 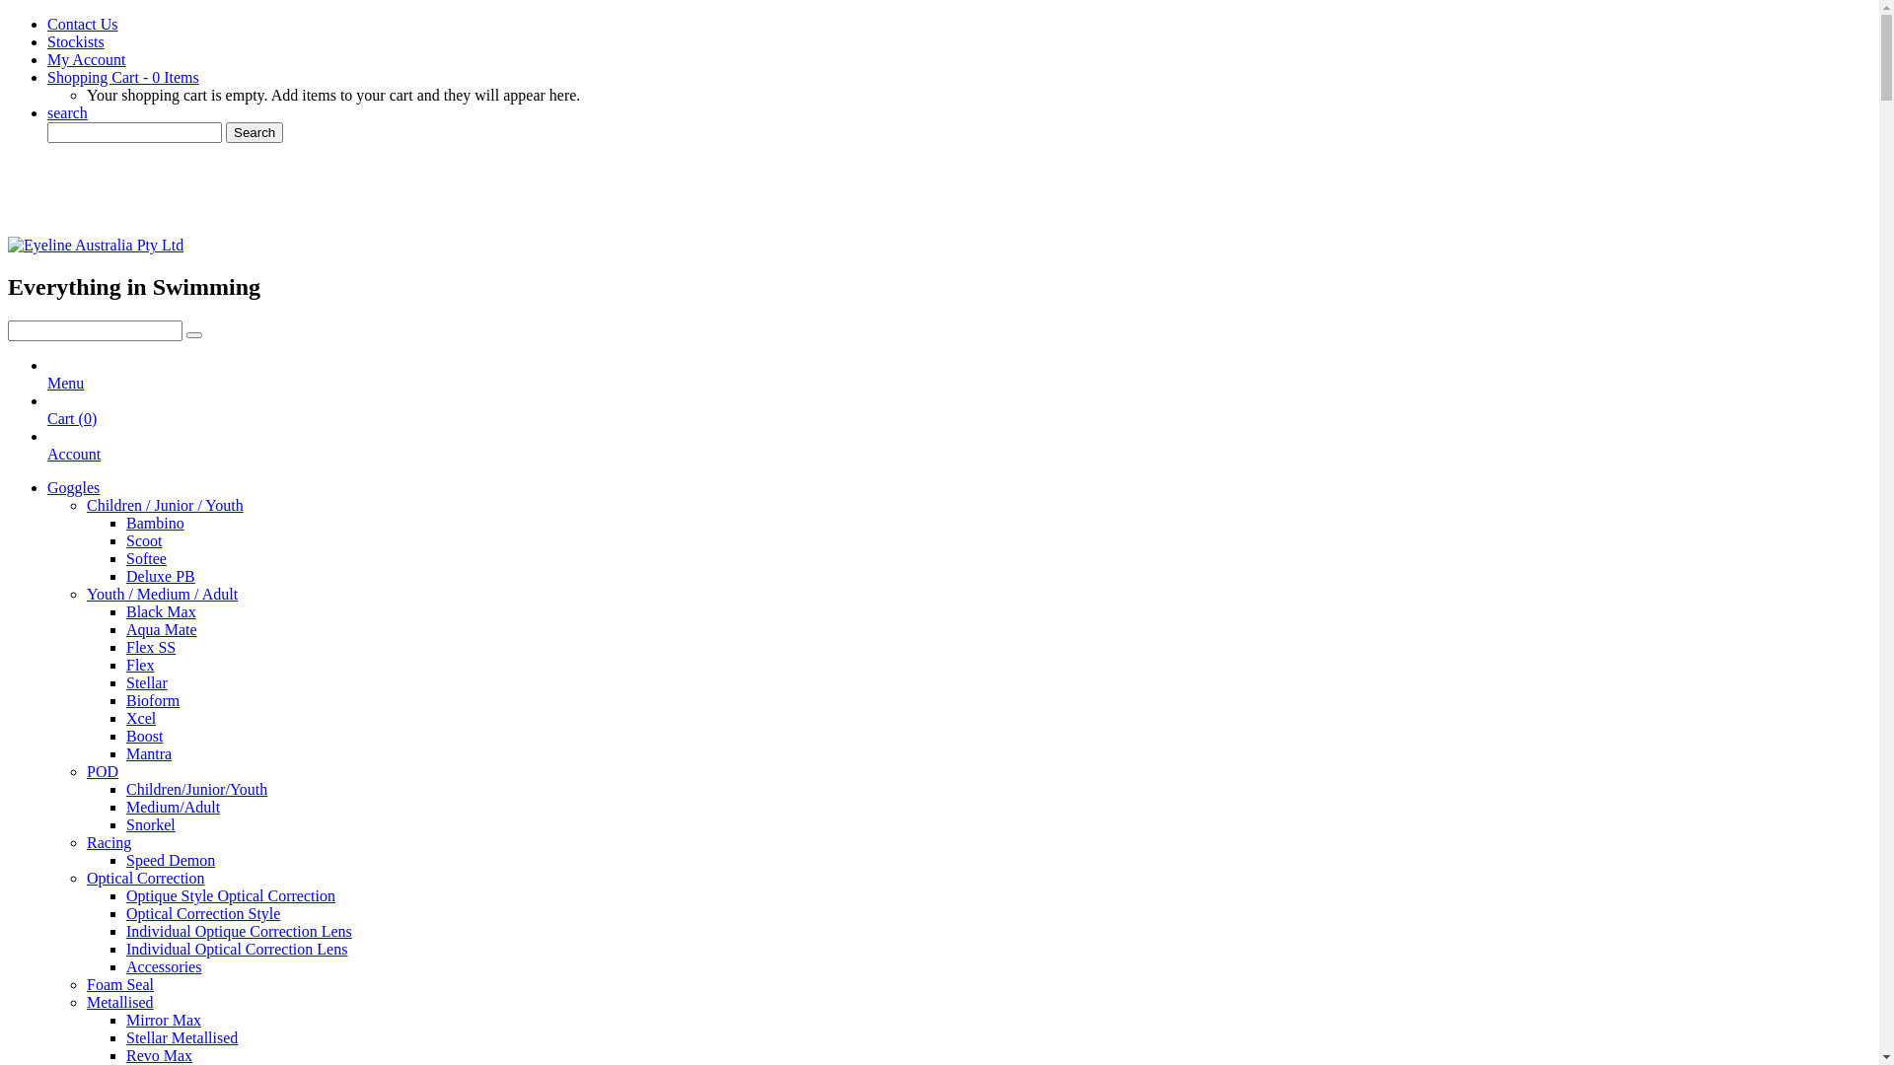 I want to click on 'Account', so click(x=47, y=462).